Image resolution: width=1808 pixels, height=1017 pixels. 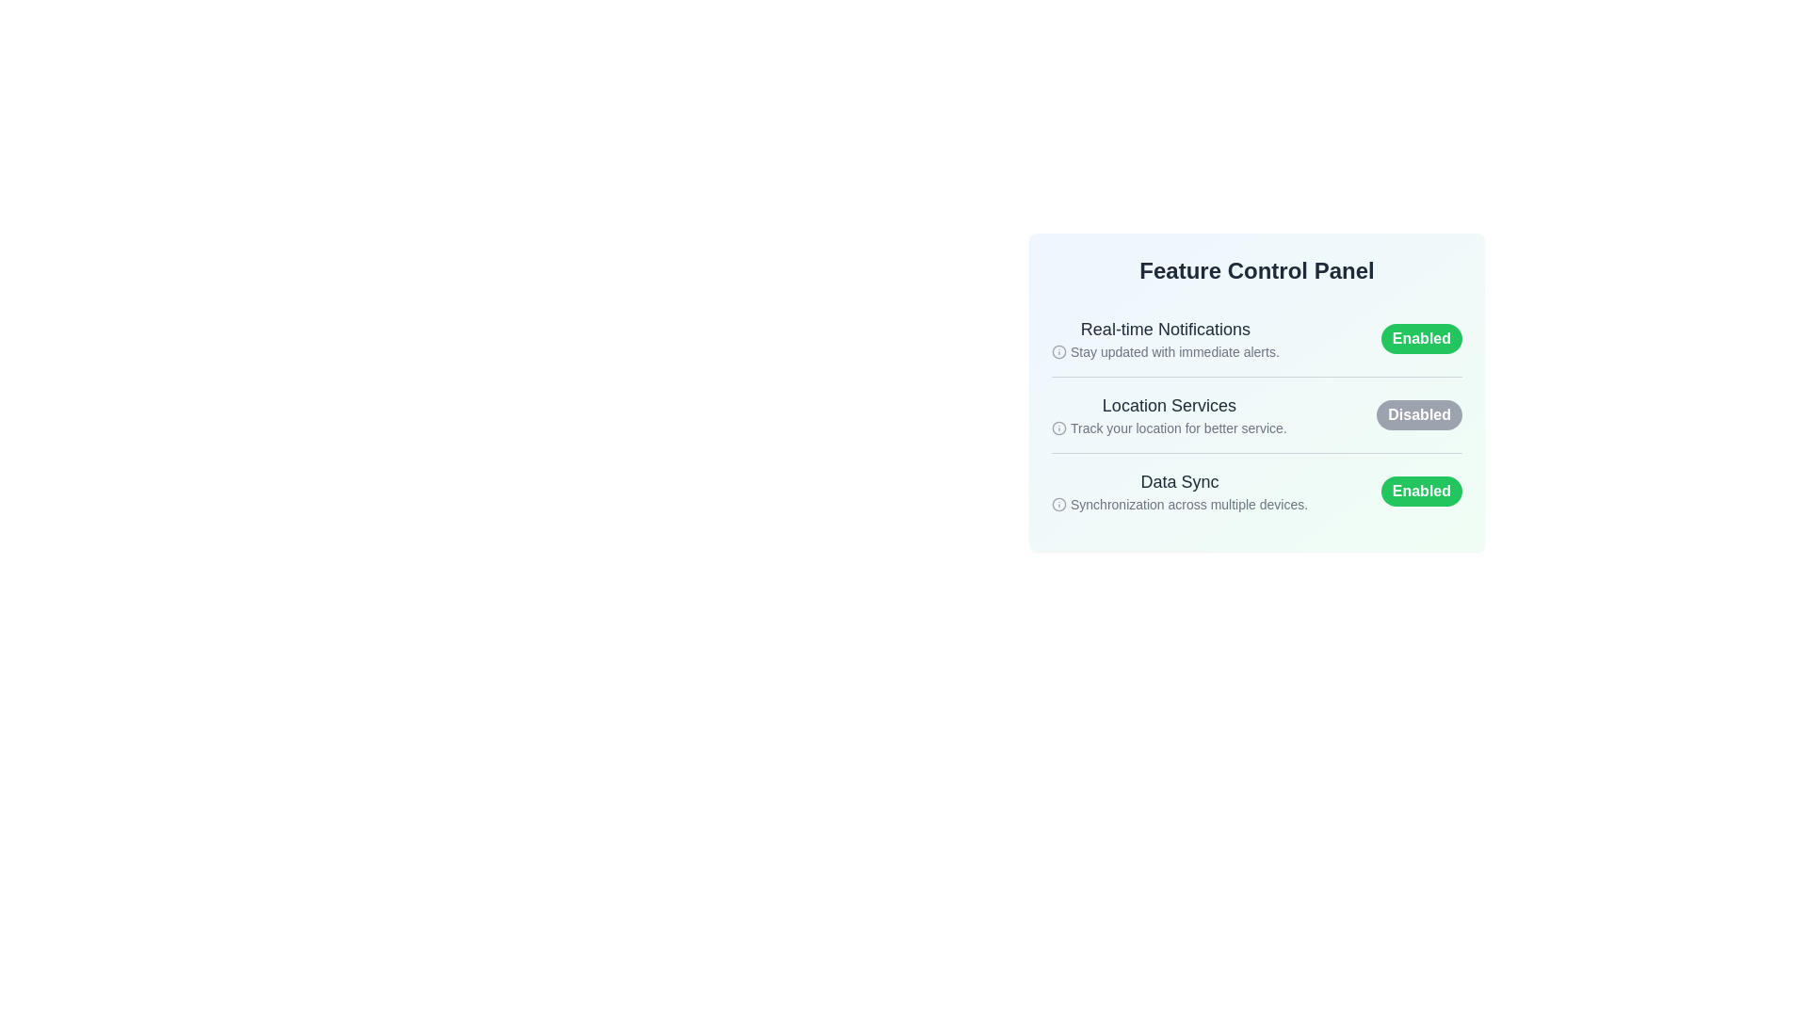 I want to click on the informational icon for the Location Services feature, so click(x=1058, y=428).